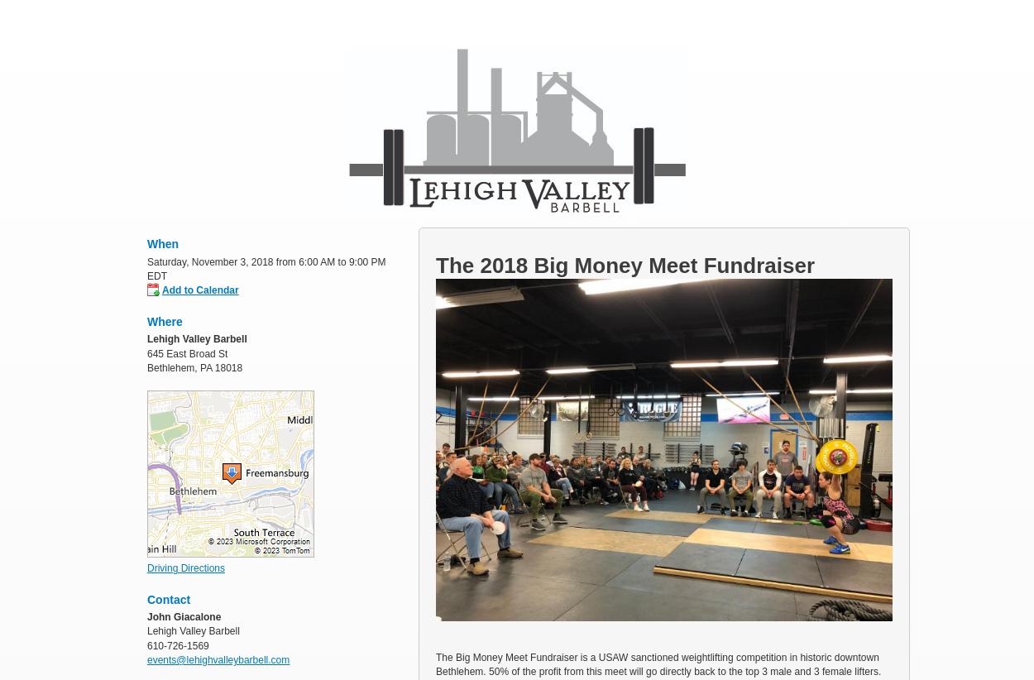  I want to click on '610-726-1569', so click(147, 644).